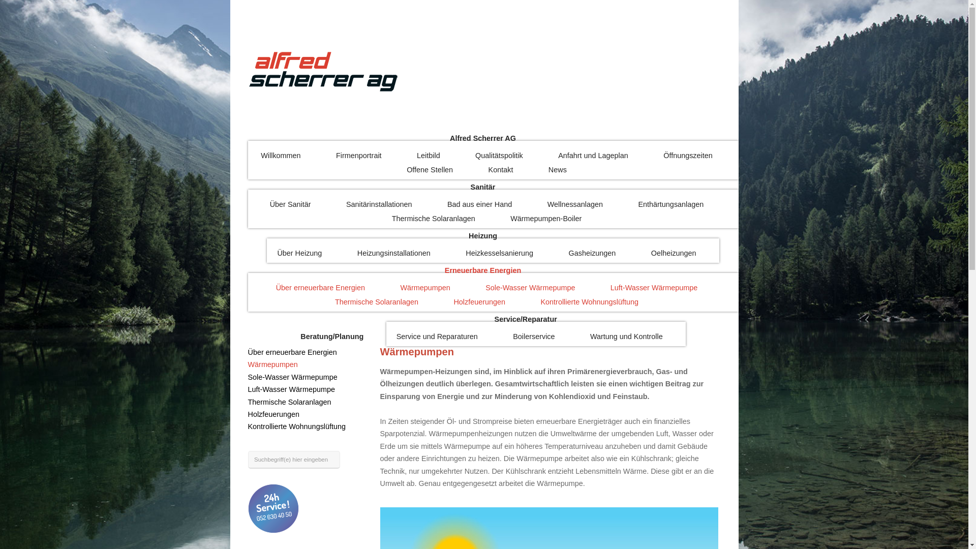  Describe the element at coordinates (482, 270) in the screenshot. I see `'Erneuerbare Energien'` at that location.